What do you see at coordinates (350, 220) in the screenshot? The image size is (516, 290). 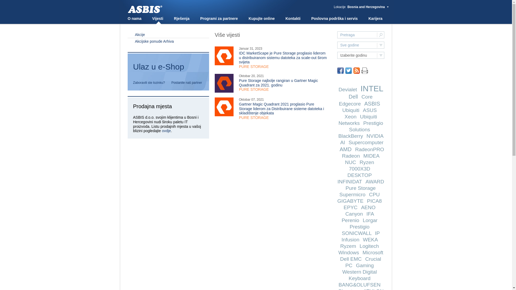 I see `'Perenio'` at bounding box center [350, 220].